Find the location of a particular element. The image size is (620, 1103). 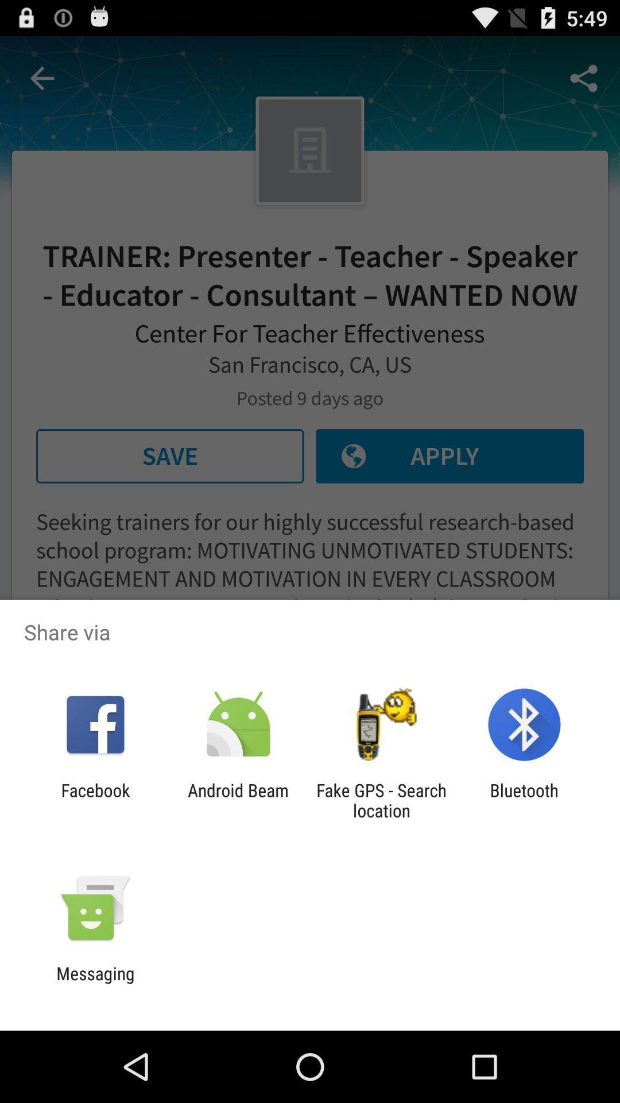

the item to the left of the android beam icon is located at coordinates (95, 800).